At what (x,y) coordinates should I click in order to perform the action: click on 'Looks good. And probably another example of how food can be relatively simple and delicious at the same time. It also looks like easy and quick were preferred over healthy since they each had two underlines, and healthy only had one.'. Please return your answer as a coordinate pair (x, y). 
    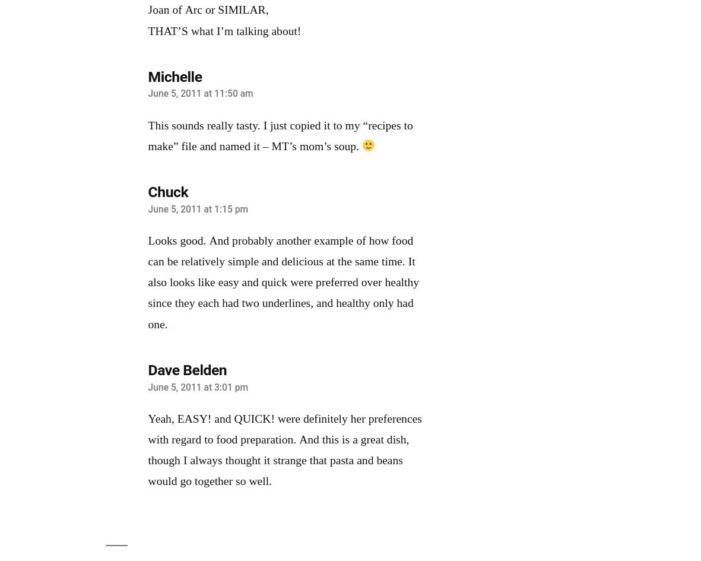
    Looking at the image, I should click on (283, 281).